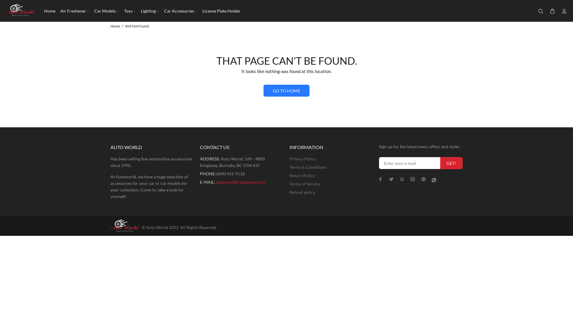 Image resolution: width=573 pixels, height=322 pixels. Describe the element at coordinates (308, 167) in the screenshot. I see `'Terms & Conditions'` at that location.